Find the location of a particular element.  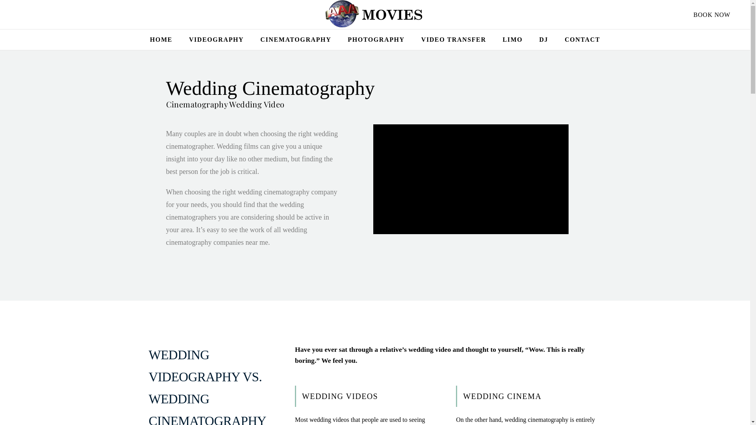

'BOOK NOW' is located at coordinates (712, 15).